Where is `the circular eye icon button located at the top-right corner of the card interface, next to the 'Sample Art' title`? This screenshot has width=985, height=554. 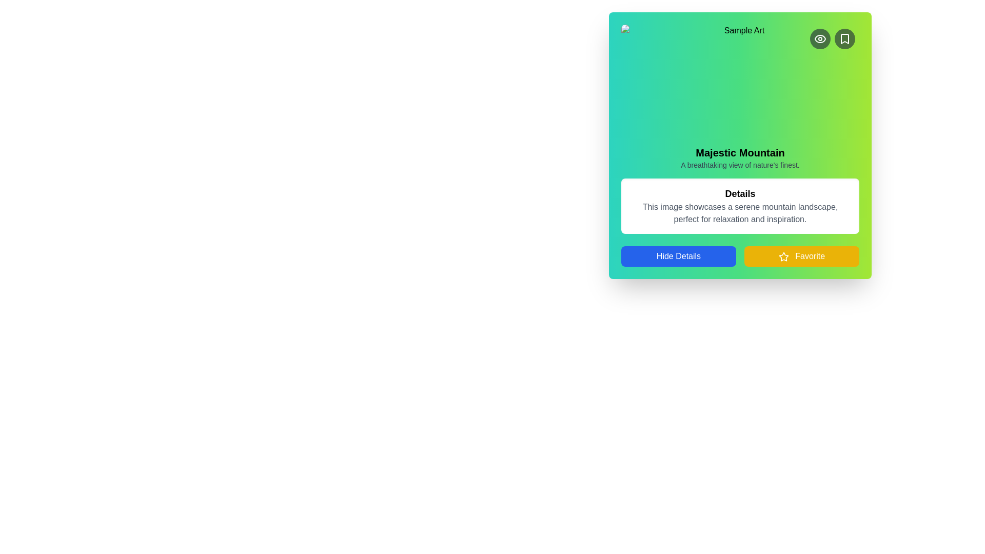 the circular eye icon button located at the top-right corner of the card interface, next to the 'Sample Art' title is located at coordinates (819, 38).